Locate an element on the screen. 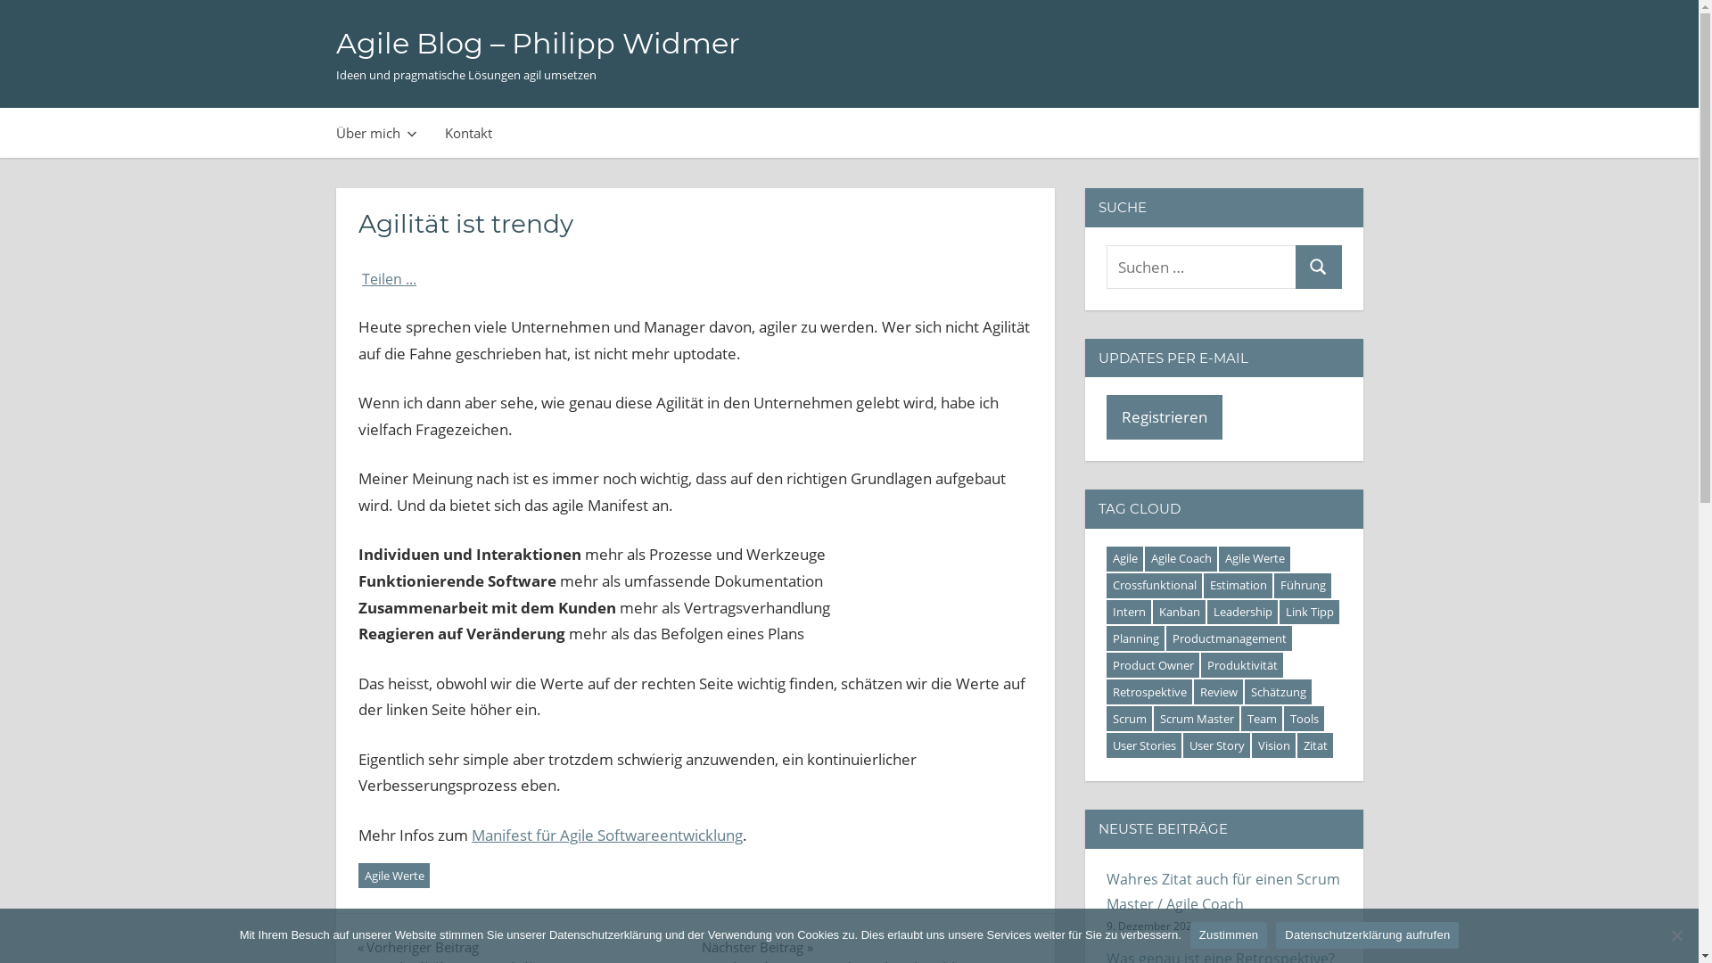 Image resolution: width=1712 pixels, height=963 pixels. 'Suchen nach:' is located at coordinates (1201, 266).